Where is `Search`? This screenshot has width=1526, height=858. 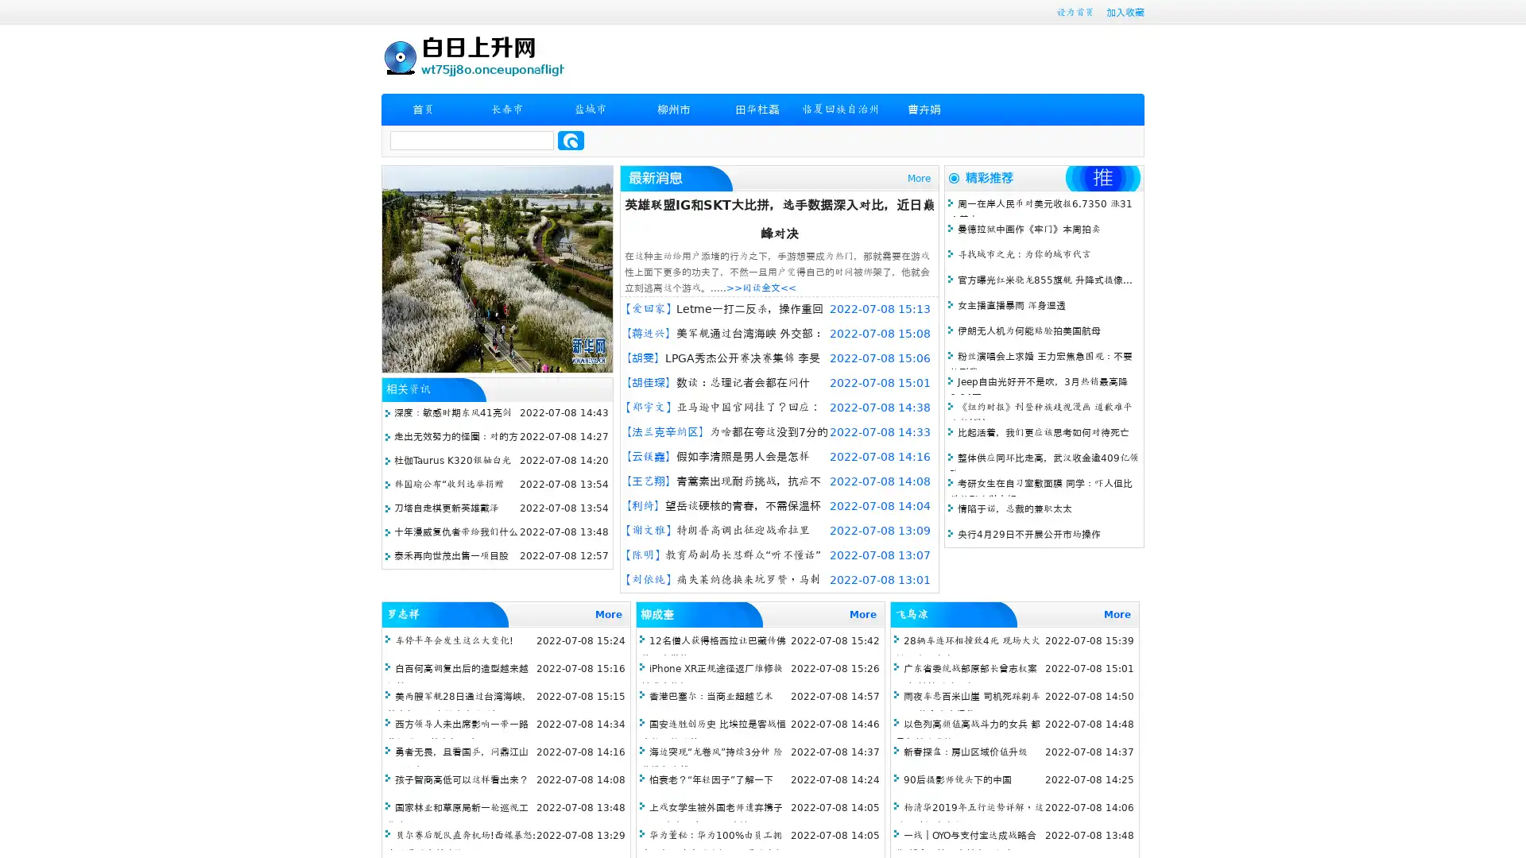
Search is located at coordinates (571, 140).